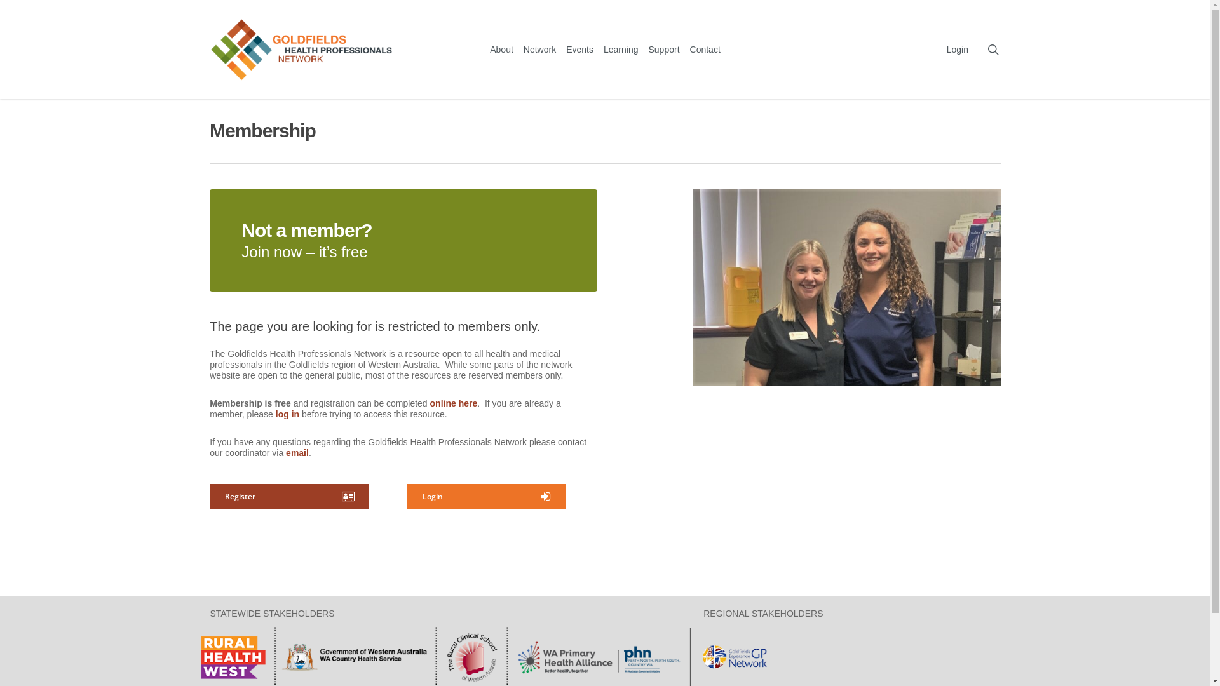 Image resolution: width=1220 pixels, height=686 pixels. Describe the element at coordinates (579, 48) in the screenshot. I see `'Events'` at that location.